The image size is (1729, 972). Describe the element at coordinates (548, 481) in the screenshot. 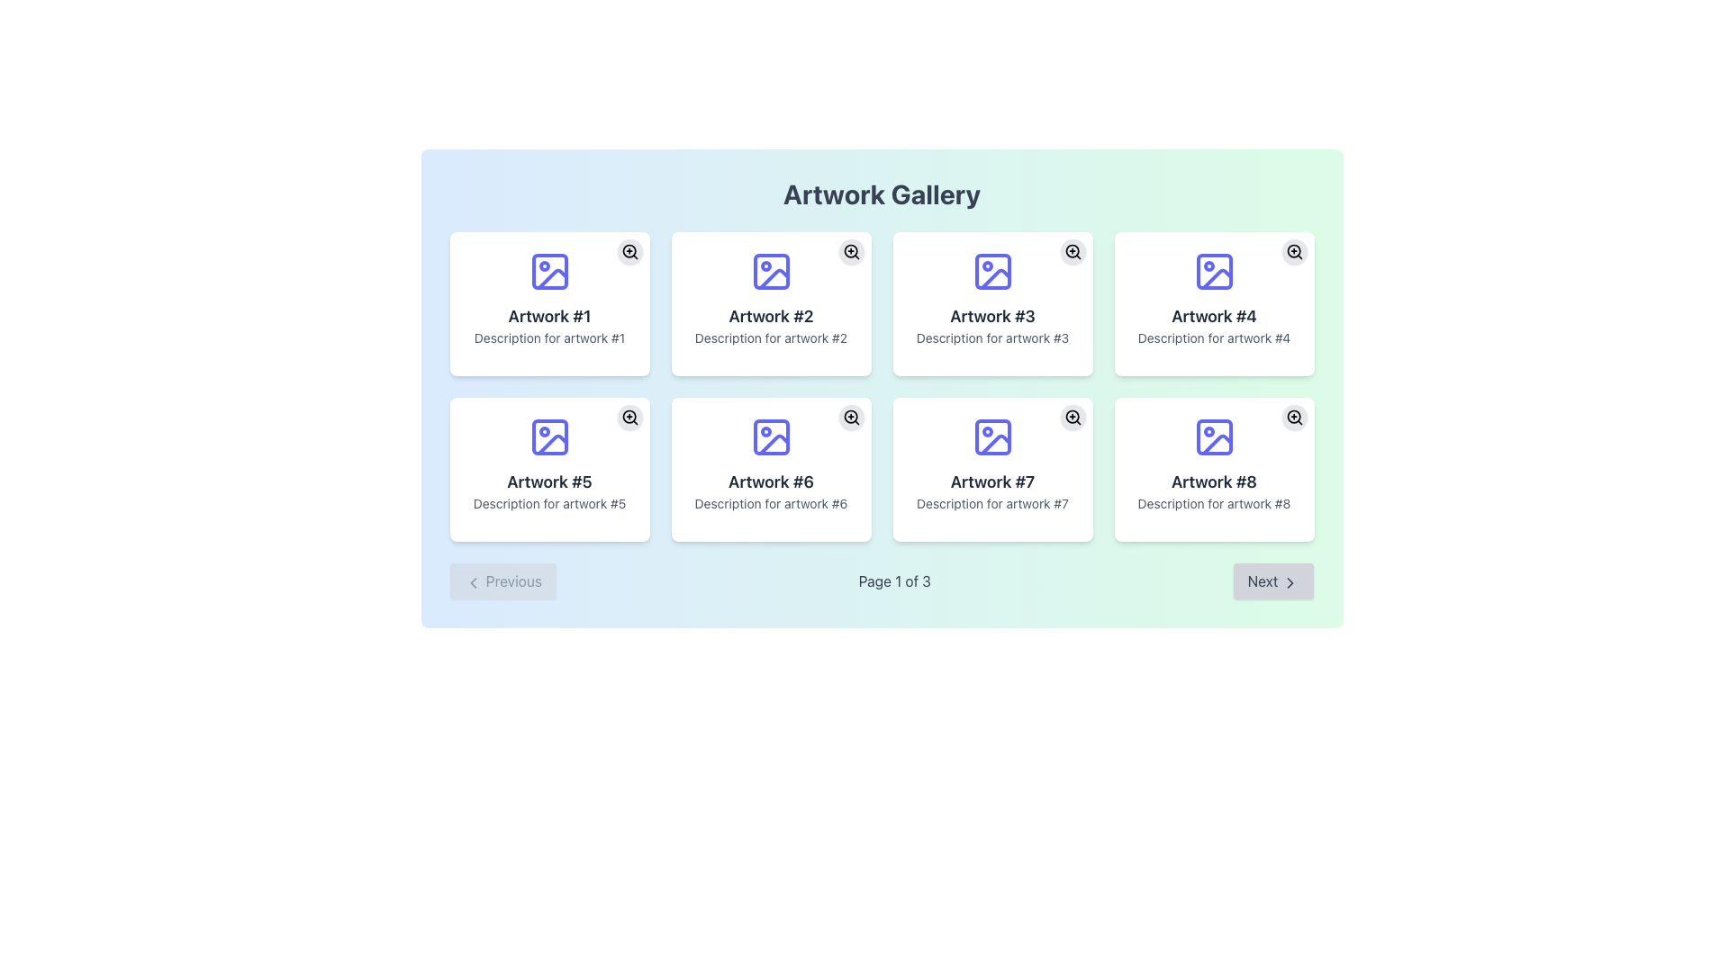

I see `the 'Artwork #5' text label` at that location.